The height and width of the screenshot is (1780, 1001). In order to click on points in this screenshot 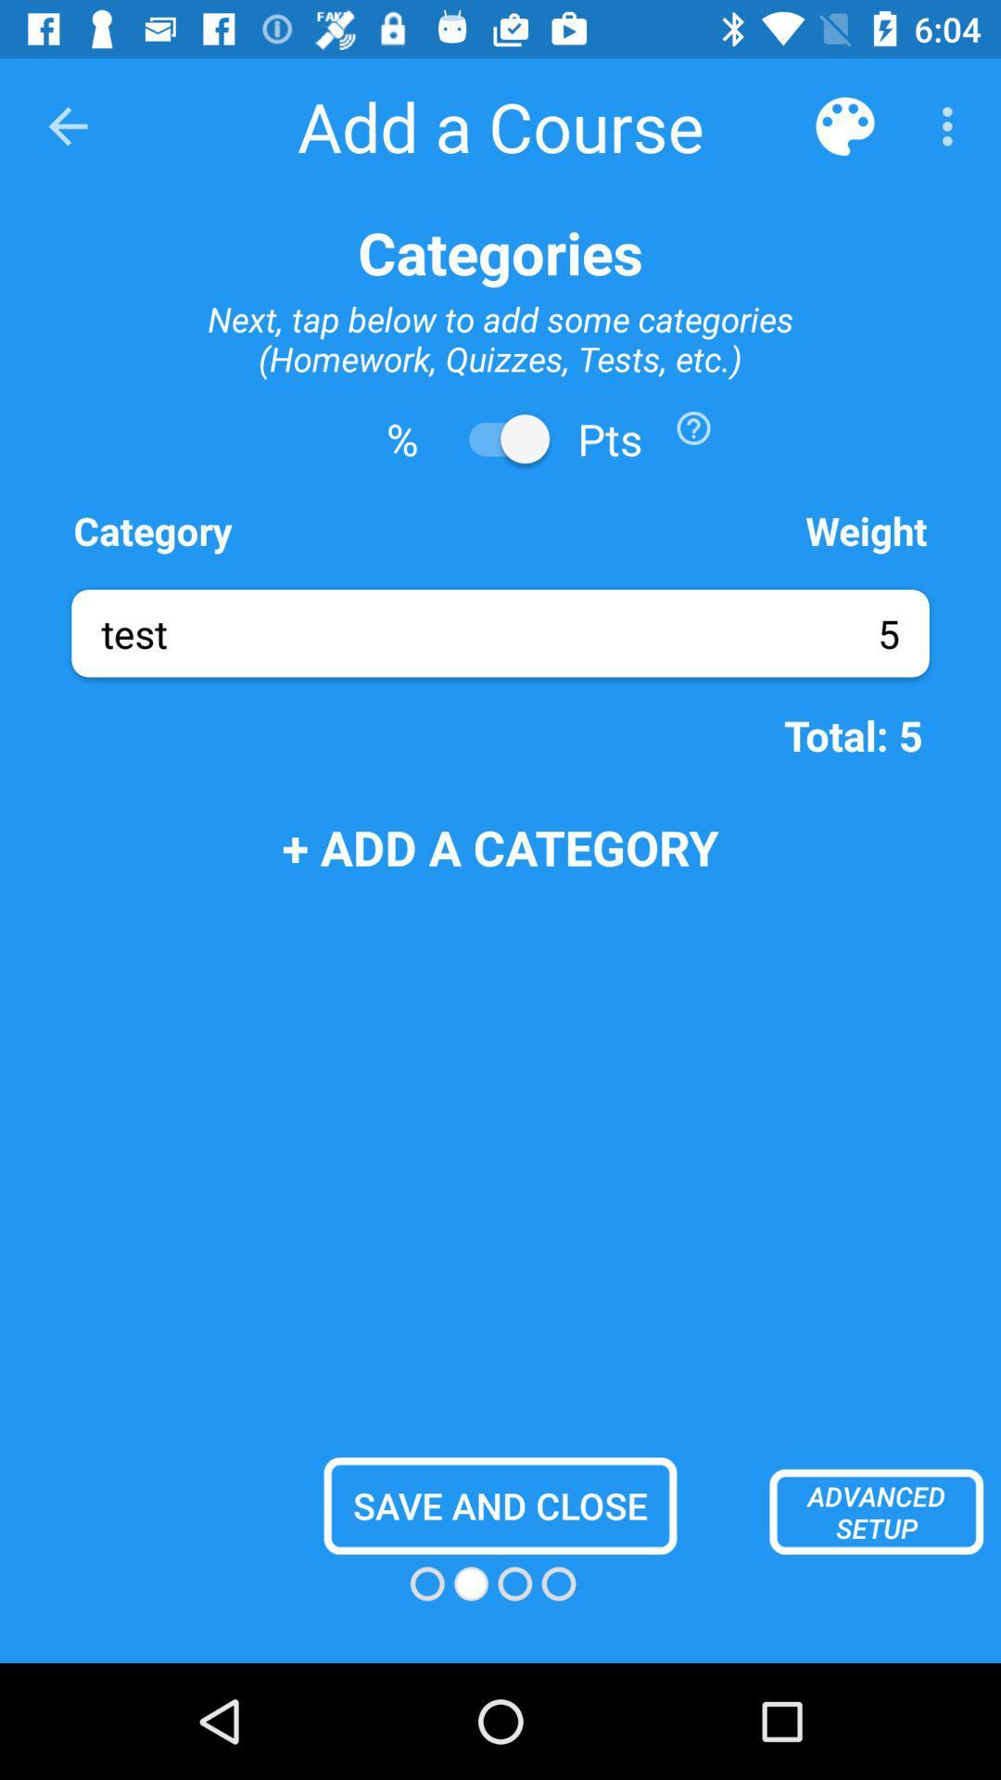, I will do `click(500, 438)`.